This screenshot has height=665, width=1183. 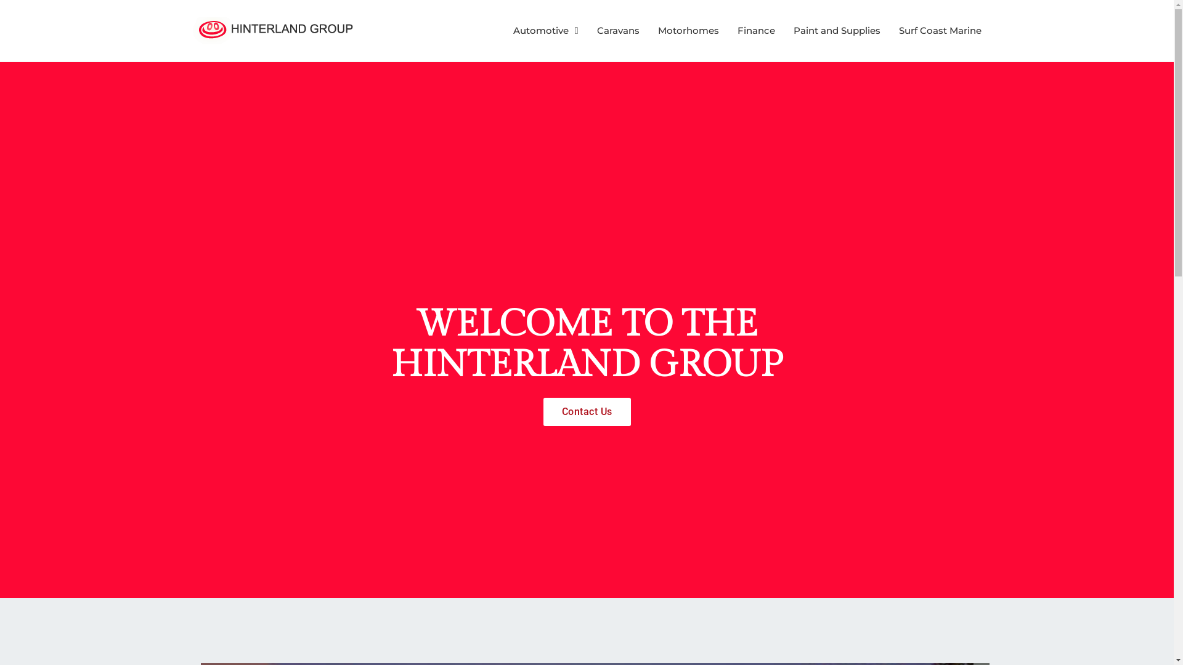 I want to click on 'Motorhomes', so click(x=688, y=30).